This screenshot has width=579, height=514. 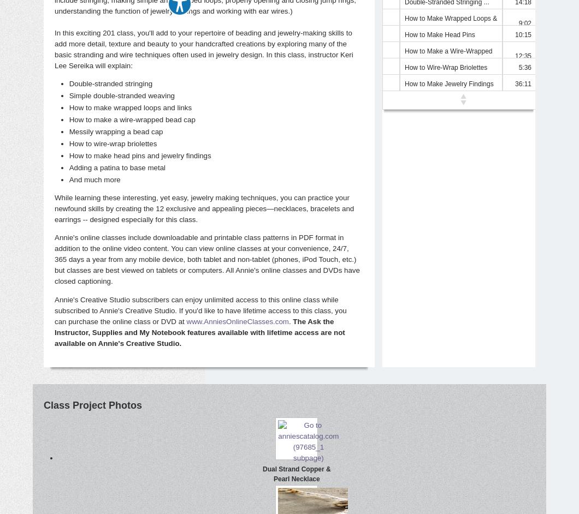 What do you see at coordinates (296, 474) in the screenshot?
I see `'Dual Strand Copper & Pearl Necklace'` at bounding box center [296, 474].